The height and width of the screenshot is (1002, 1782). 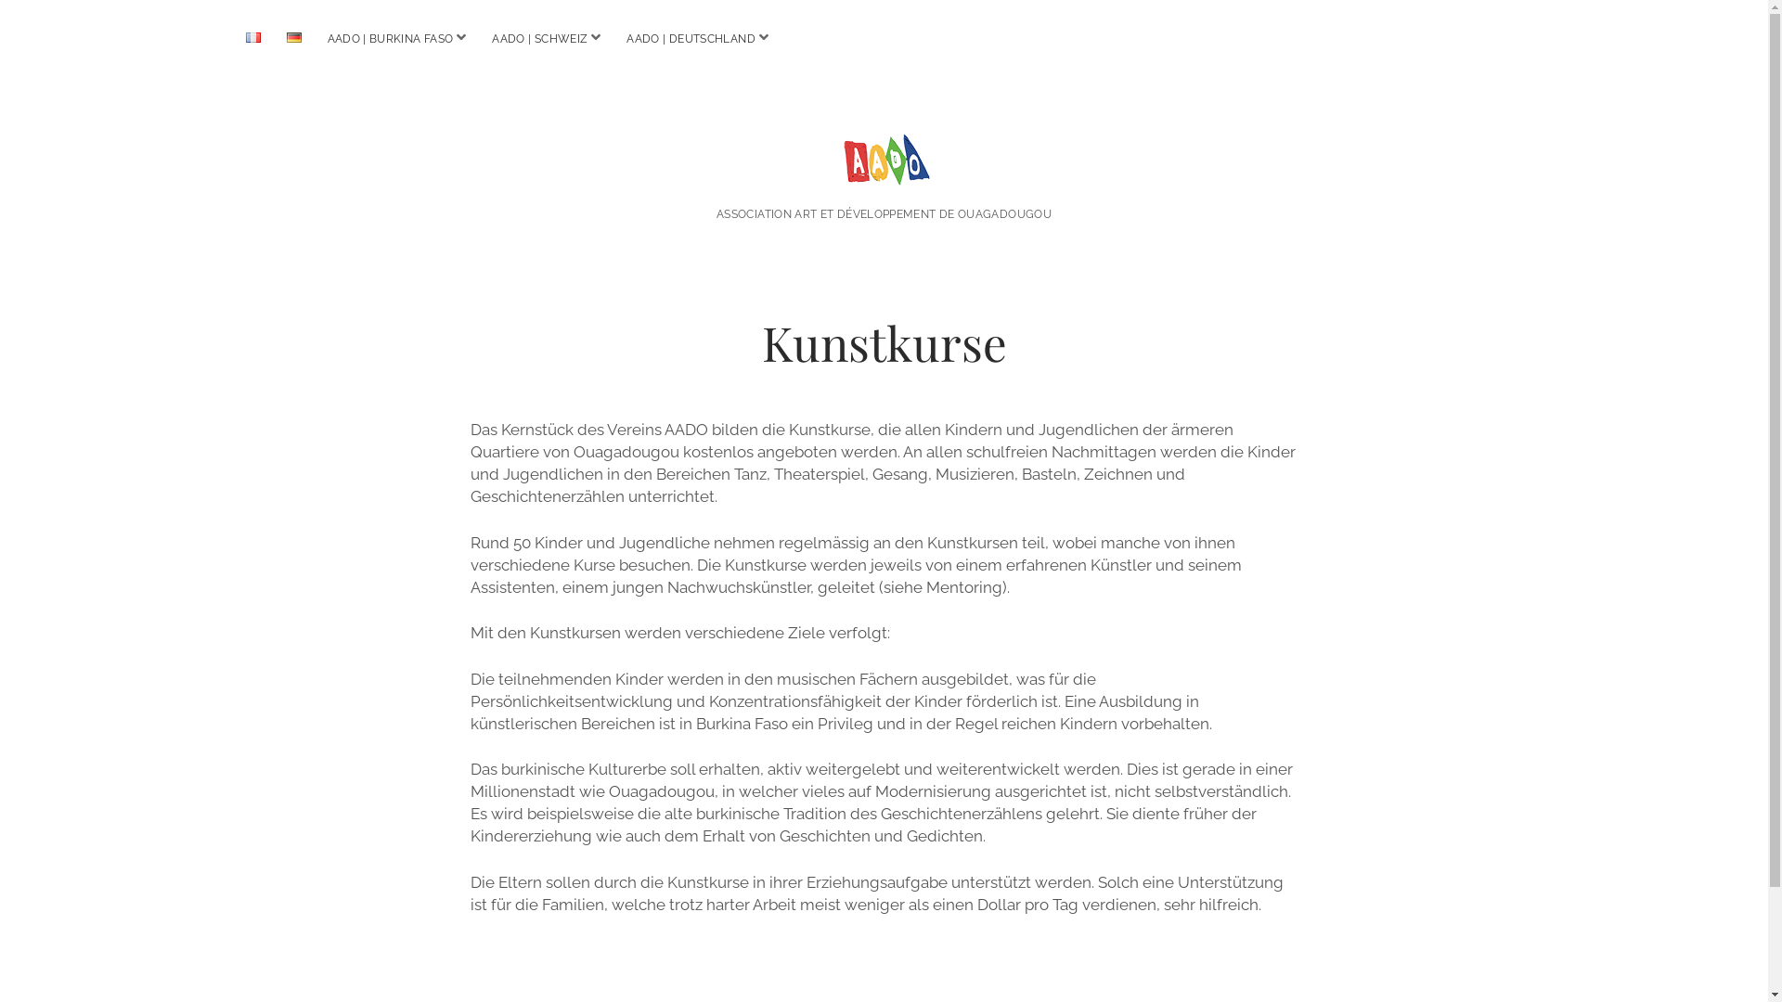 I want to click on 'Deutsch', so click(x=292, y=37).